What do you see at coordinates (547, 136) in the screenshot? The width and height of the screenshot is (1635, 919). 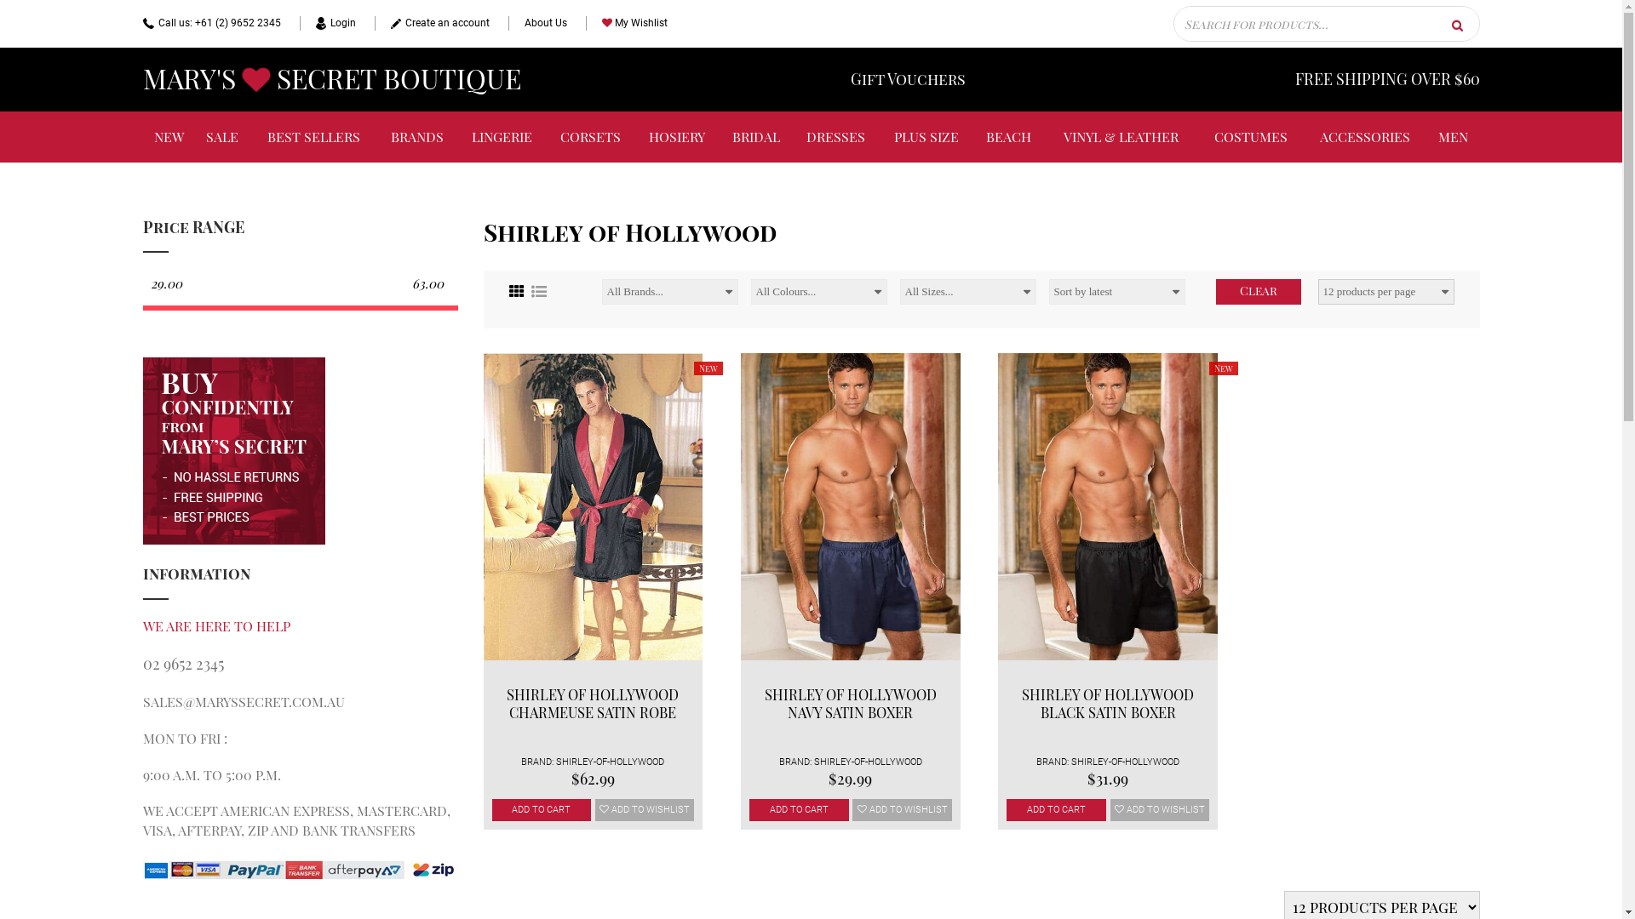 I see `'CORSETS'` at bounding box center [547, 136].